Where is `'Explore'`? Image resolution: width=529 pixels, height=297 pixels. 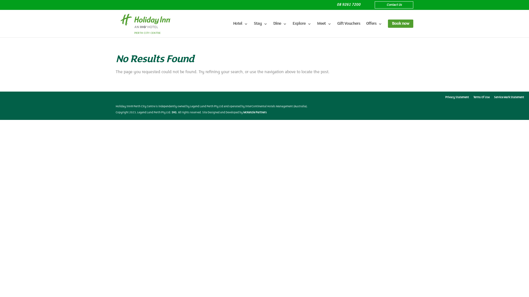
'Explore' is located at coordinates (301, 28).